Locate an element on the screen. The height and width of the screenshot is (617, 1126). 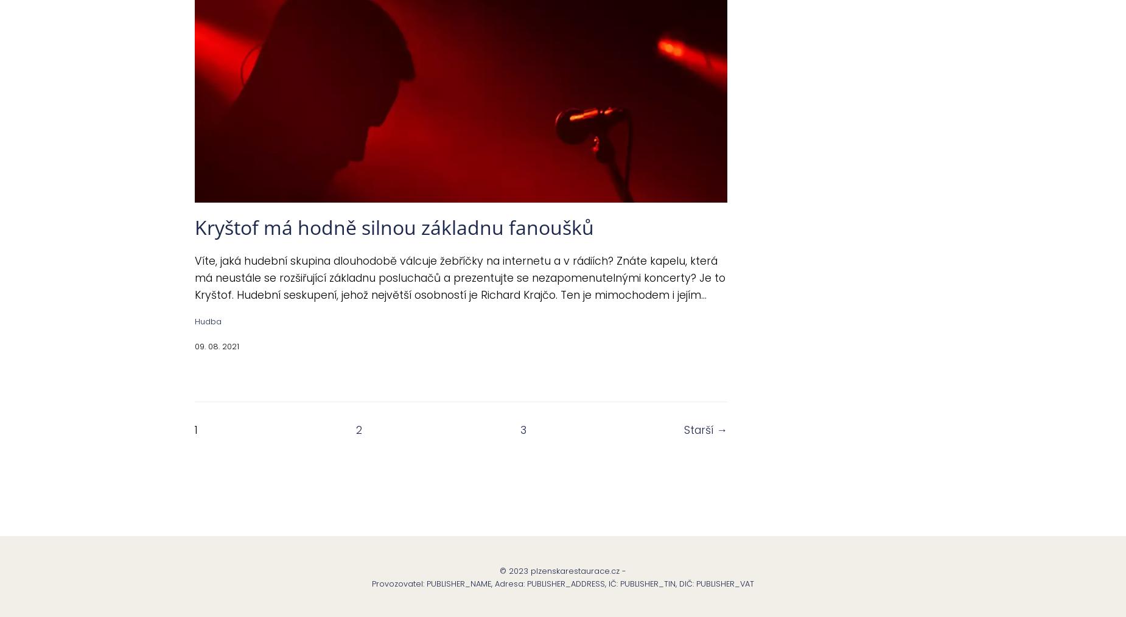
'1' is located at coordinates (194, 429).